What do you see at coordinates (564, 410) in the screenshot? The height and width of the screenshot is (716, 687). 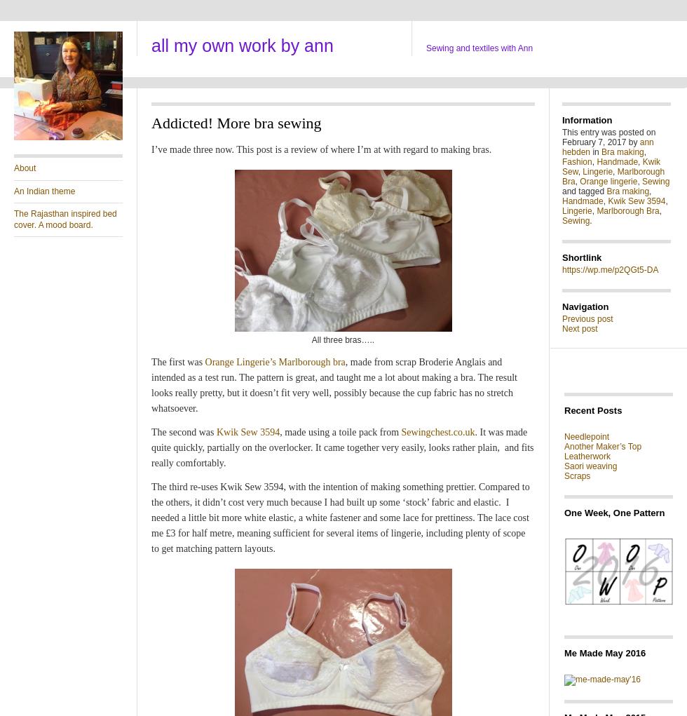 I see `'Recent Posts'` at bounding box center [564, 410].